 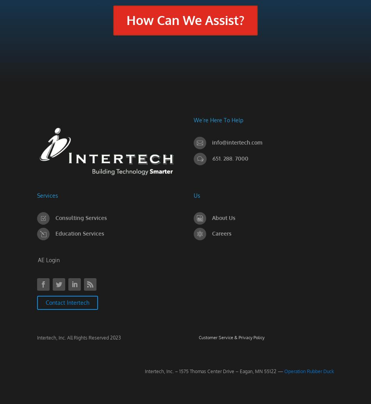 I want to click on 'l', so click(x=43, y=234).